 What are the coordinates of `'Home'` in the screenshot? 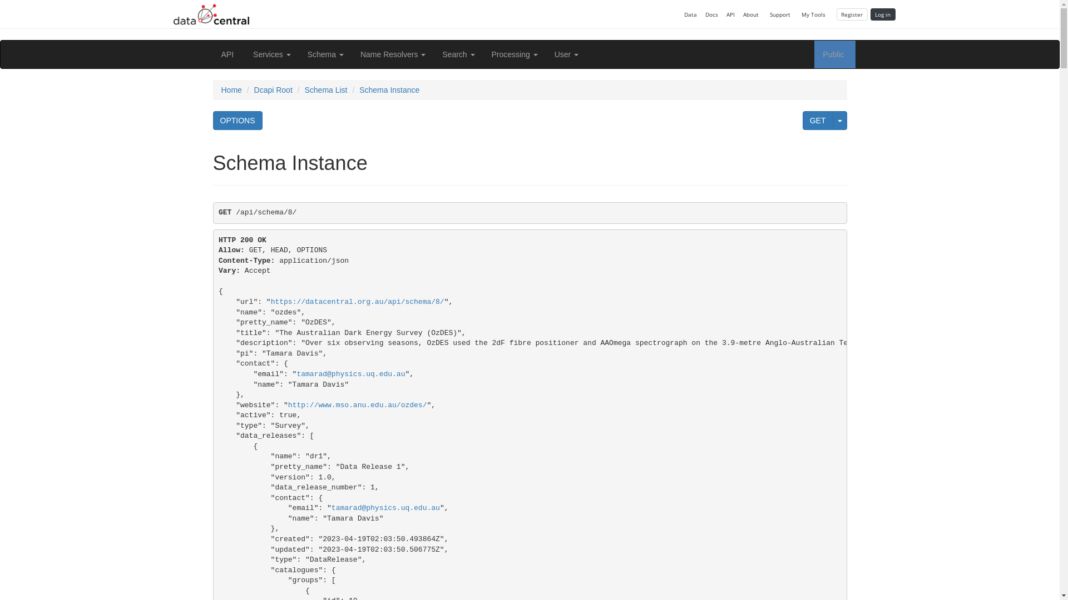 It's located at (231, 89).